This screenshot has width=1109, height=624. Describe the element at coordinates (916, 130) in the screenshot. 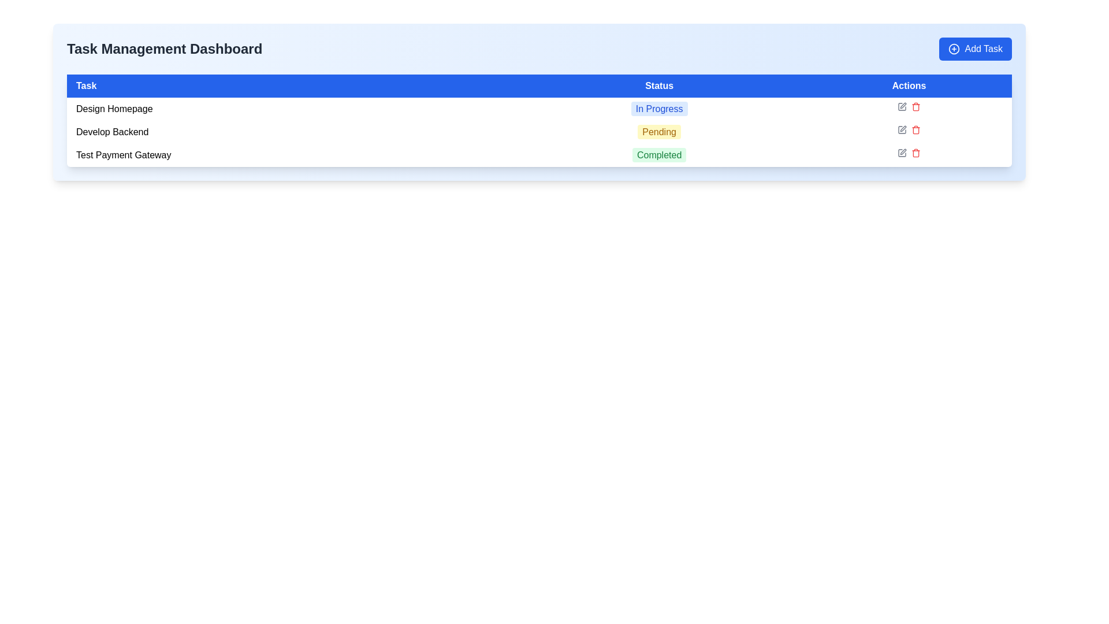

I see `the delete icon button associated with the 'Develop Backend' task in the 'Actions' column` at that location.